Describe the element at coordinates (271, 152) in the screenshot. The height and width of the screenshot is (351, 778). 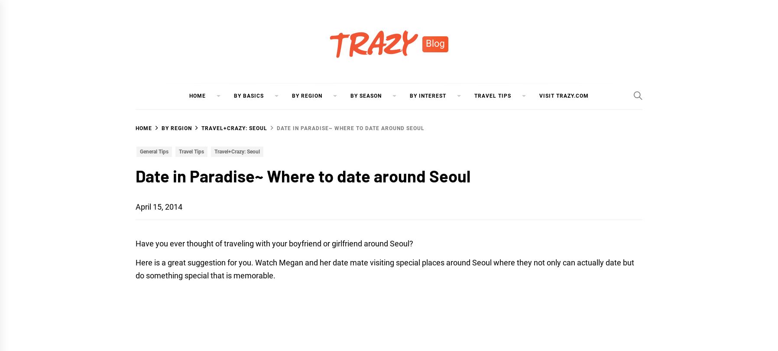
I see `'Getting Around Korea'` at that location.